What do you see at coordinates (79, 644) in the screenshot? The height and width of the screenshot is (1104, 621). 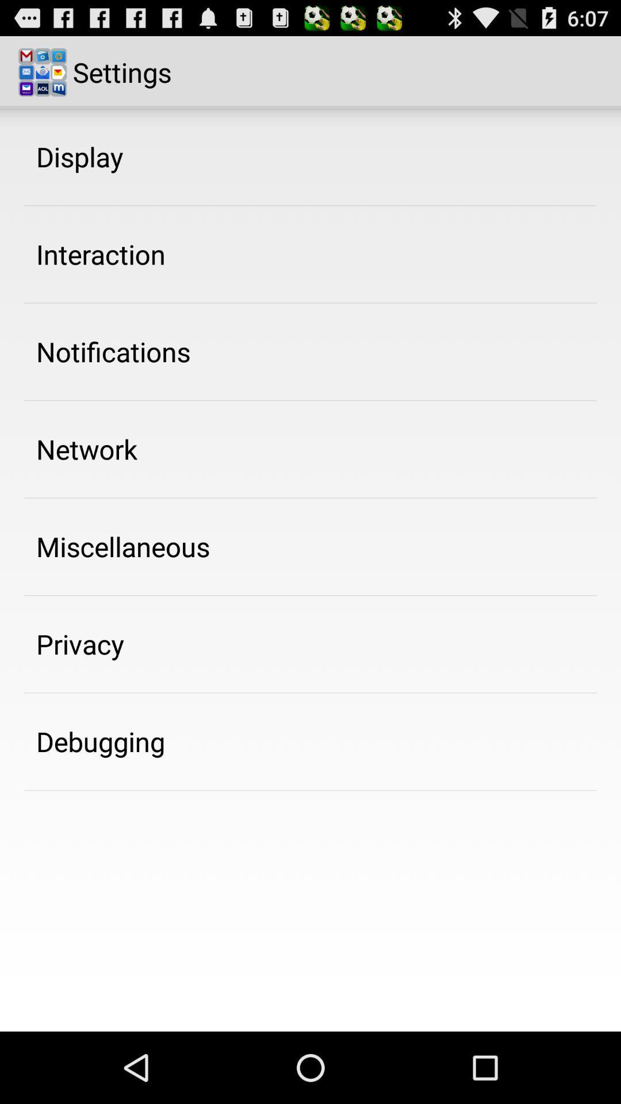 I see `privacy icon` at bounding box center [79, 644].